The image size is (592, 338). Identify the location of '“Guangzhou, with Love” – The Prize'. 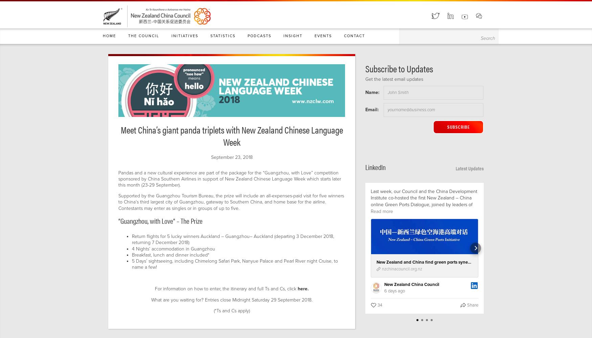
(160, 220).